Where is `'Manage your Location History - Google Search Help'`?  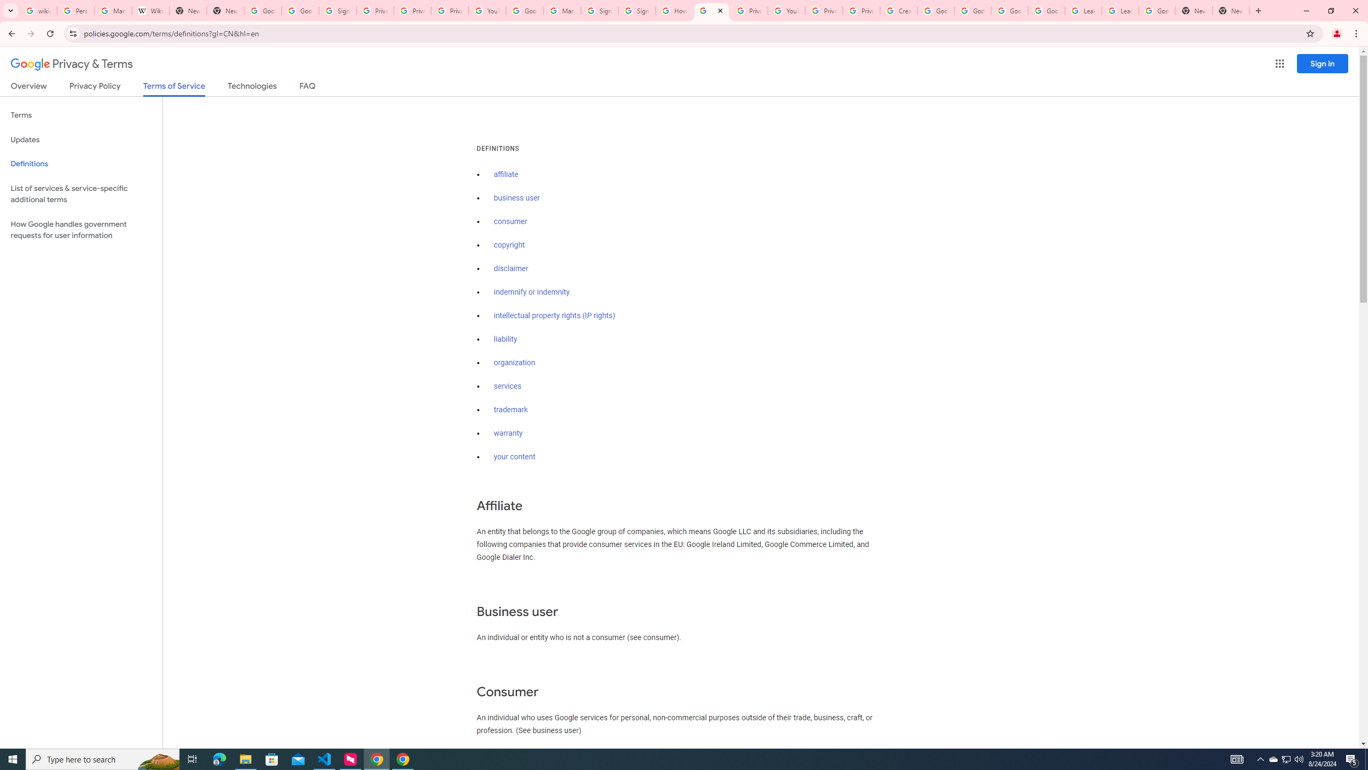 'Manage your Location History - Google Search Help' is located at coordinates (113, 10).